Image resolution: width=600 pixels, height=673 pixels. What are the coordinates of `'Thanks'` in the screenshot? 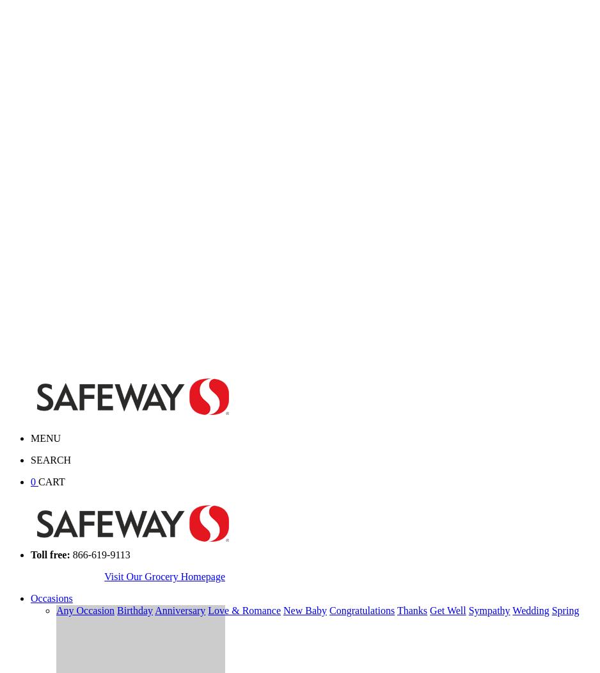 It's located at (411, 610).